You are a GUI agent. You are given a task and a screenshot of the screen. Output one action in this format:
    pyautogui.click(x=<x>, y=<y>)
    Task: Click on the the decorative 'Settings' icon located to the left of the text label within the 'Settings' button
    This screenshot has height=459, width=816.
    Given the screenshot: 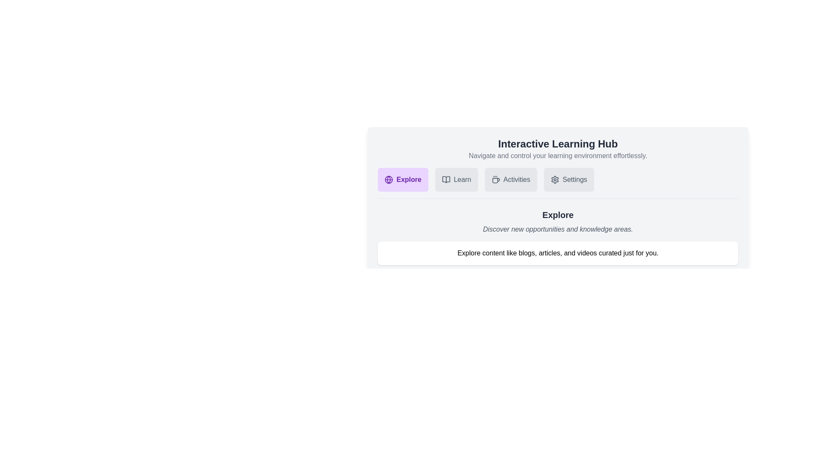 What is the action you would take?
    pyautogui.click(x=555, y=179)
    